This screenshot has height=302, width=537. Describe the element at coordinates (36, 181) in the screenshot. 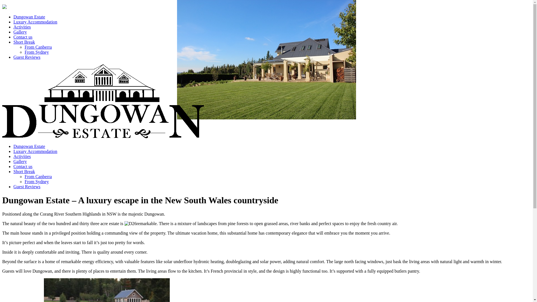

I see `'From Sydney'` at that location.